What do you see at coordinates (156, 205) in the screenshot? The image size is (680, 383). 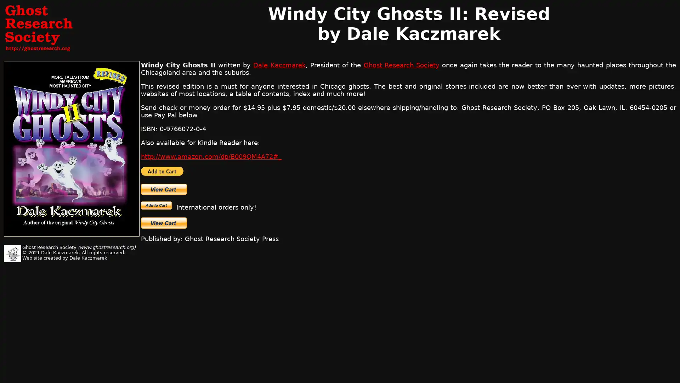 I see `Make payments with PayPal - it's fast, free and secure!` at bounding box center [156, 205].